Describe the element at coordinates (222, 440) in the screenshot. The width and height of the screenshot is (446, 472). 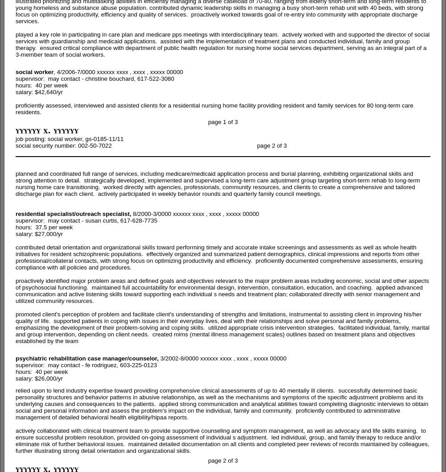
I see `'actively
collaborated with clinical treatment team to provide supportive counseling and
symptom management, as well as advocacy and life skills training.  to
ensure successful problem resolution, provided on-going assessment of
individual  s adjustment.  led individual, group, and family therapy to
reduce and/or eliminate risk of further behavioral issues.  maintained
detailed documentation on all clients and completed peer reviews of records
maintained by colleagues, further illustrating strong detail orientation and
organizational skills.'` at that location.